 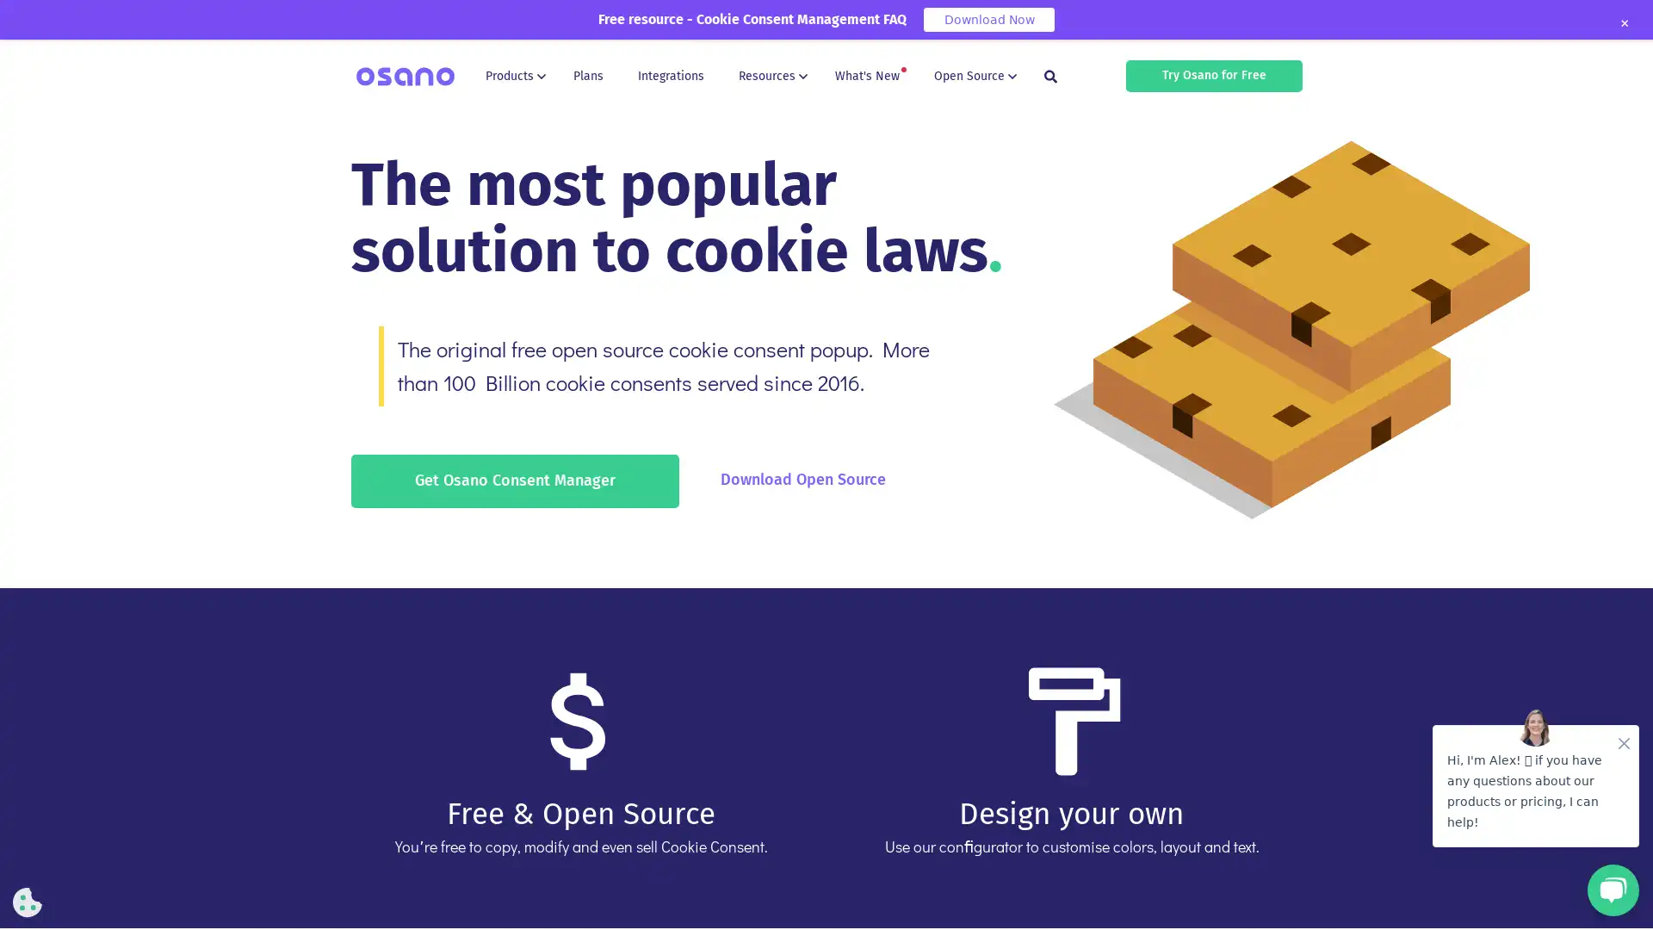 I want to click on Close, so click(x=1623, y=23).